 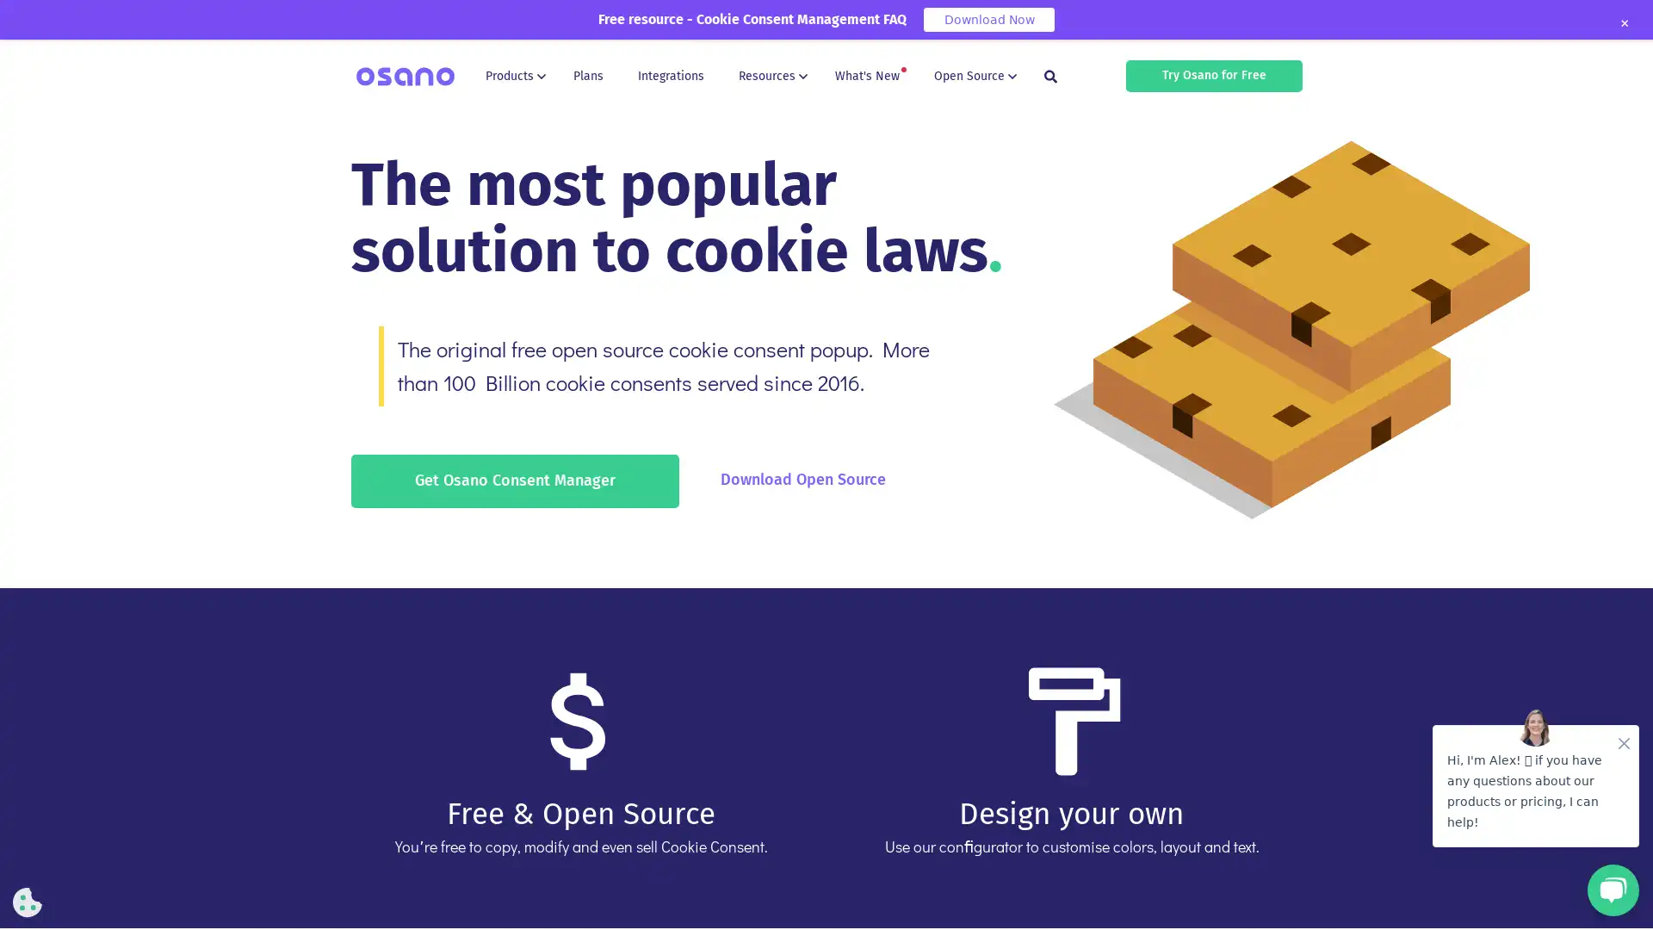 I want to click on Close, so click(x=1623, y=23).